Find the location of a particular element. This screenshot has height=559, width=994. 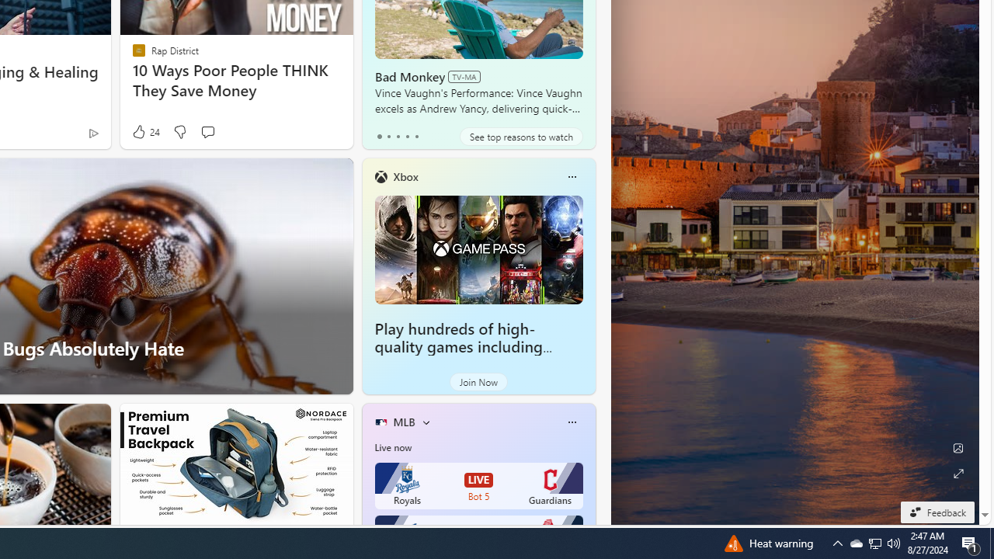

'tab-2' is located at coordinates (398, 136).